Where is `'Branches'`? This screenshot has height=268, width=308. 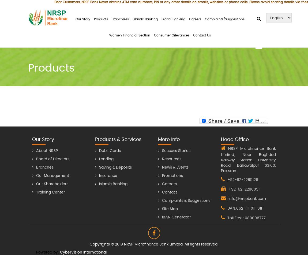
'Branches' is located at coordinates (36, 167).